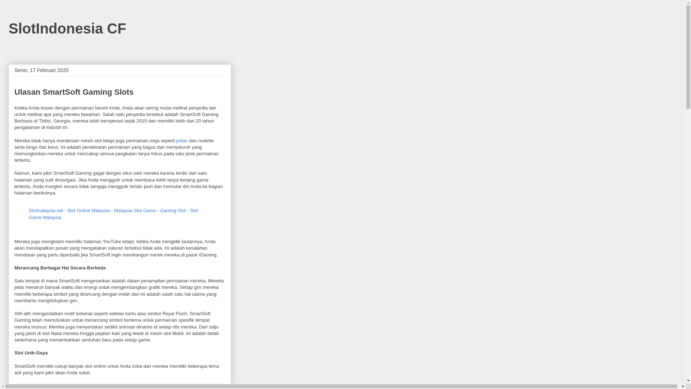  Describe the element at coordinates (45, 210) in the screenshot. I see `'Slotmalaysia.net'` at that location.